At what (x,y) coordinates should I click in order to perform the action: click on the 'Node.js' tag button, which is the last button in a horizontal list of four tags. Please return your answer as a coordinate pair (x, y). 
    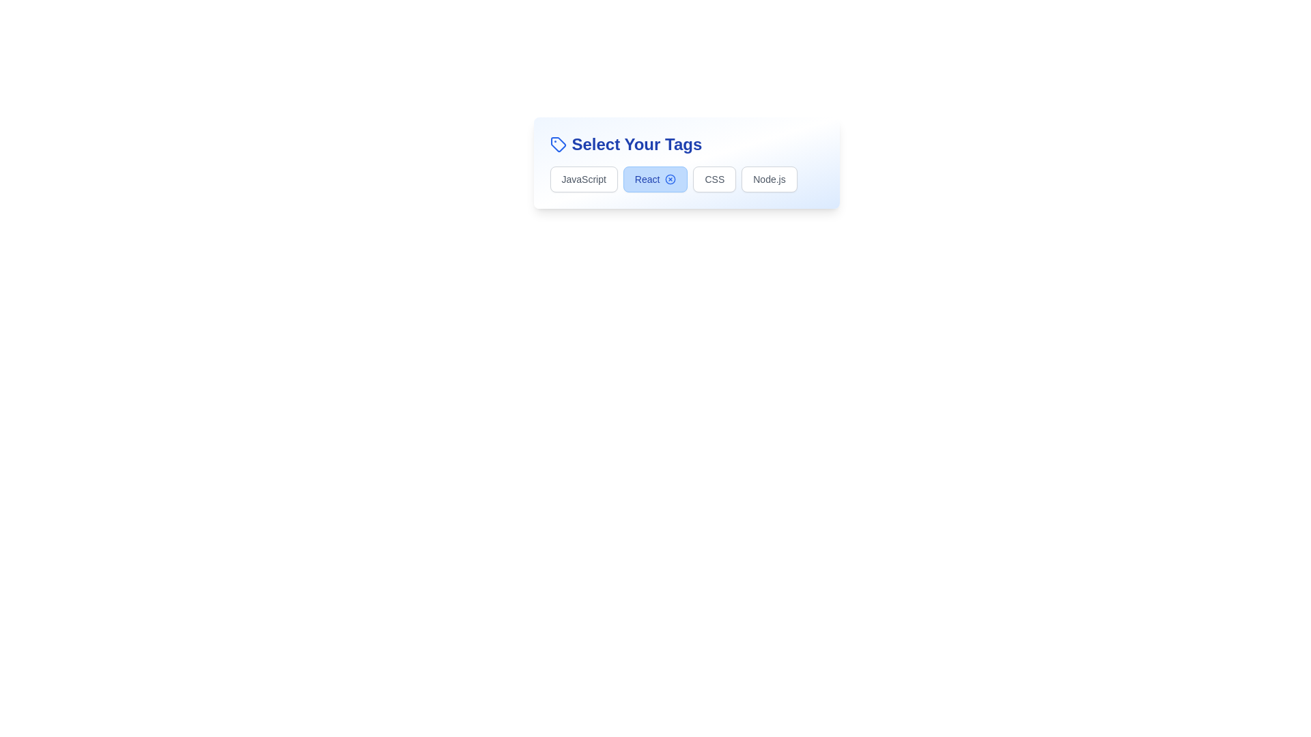
    Looking at the image, I should click on (770, 178).